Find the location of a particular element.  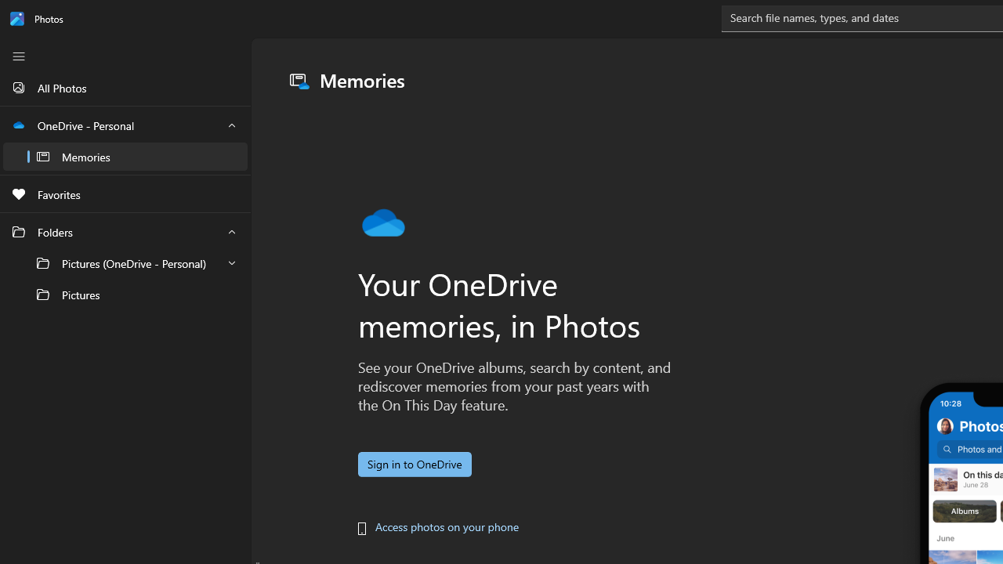

'Favorites' is located at coordinates (125, 193).